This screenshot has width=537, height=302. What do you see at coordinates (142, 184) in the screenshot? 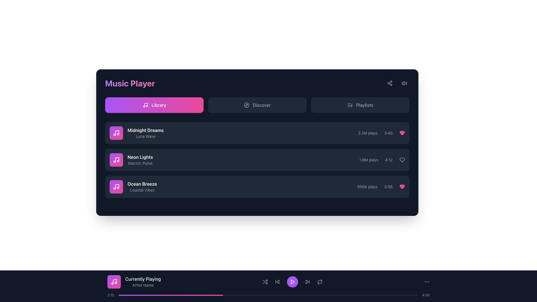
I see `the Text label displaying the title 'Ocean Breeze', which is located in the third song item of the vertically arranged list in the 'Library' section of the Music Player interface` at bounding box center [142, 184].